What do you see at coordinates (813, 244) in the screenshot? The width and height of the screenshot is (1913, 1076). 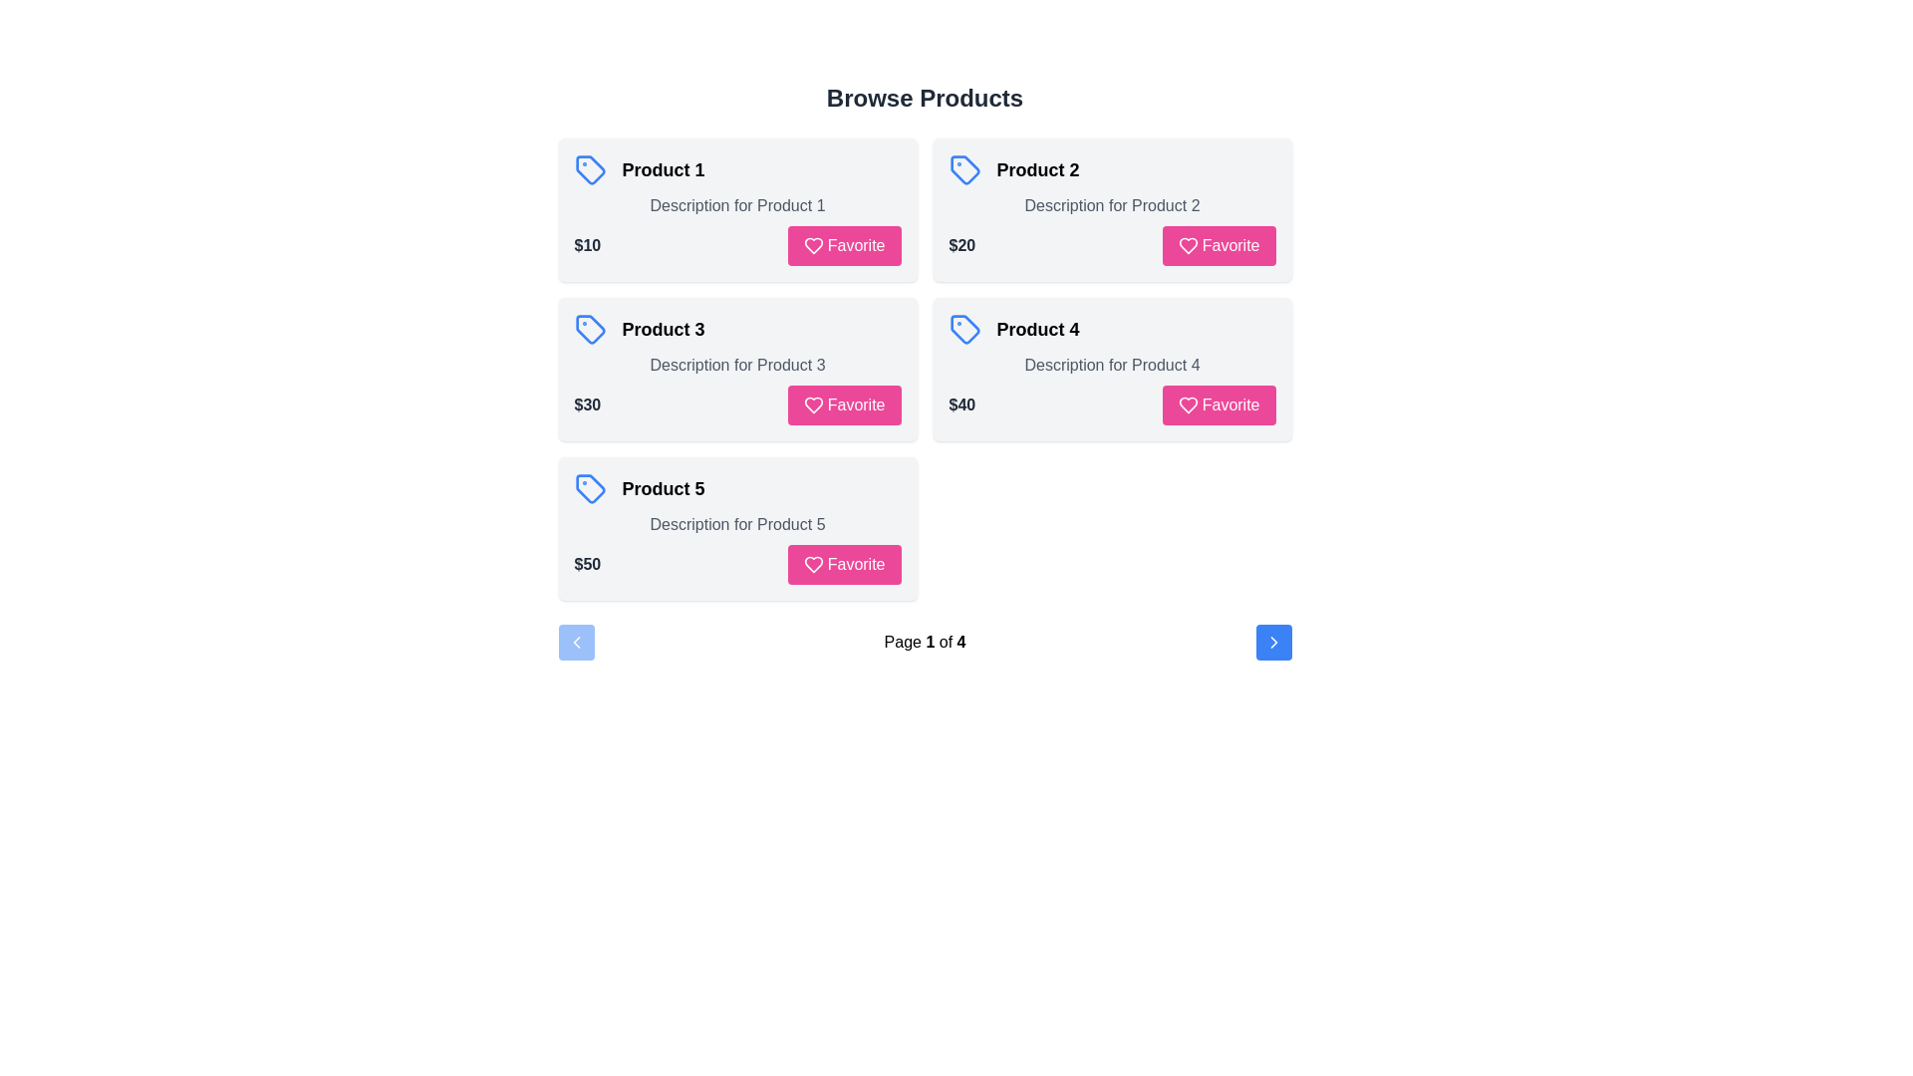 I see `the pink heart icon to favorite or unfavorite 'Product 1' in the first card of the left column` at bounding box center [813, 244].